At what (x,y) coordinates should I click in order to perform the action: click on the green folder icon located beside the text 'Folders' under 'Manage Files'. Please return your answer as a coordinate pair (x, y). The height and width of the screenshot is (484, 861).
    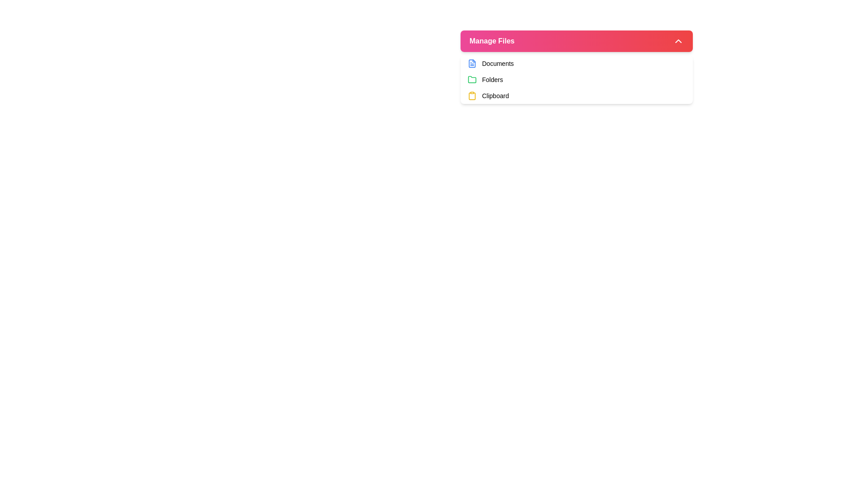
    Looking at the image, I should click on (471, 79).